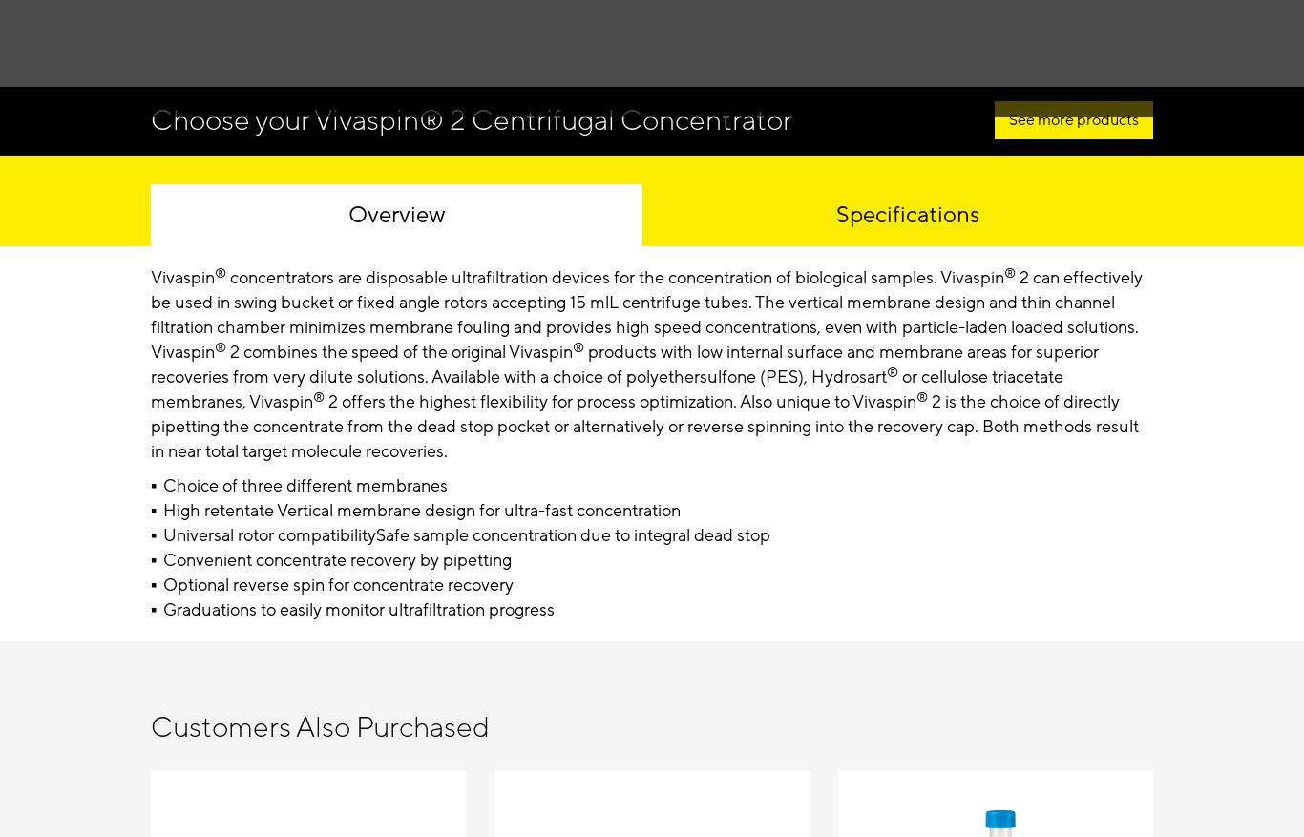 The height and width of the screenshot is (837, 1304). I want to click on 'or cellulose triacetate membranes, Vivaspin', so click(606, 387).